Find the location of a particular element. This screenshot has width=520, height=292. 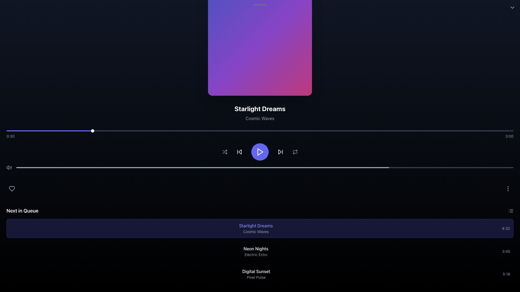

progress is located at coordinates (70, 131).